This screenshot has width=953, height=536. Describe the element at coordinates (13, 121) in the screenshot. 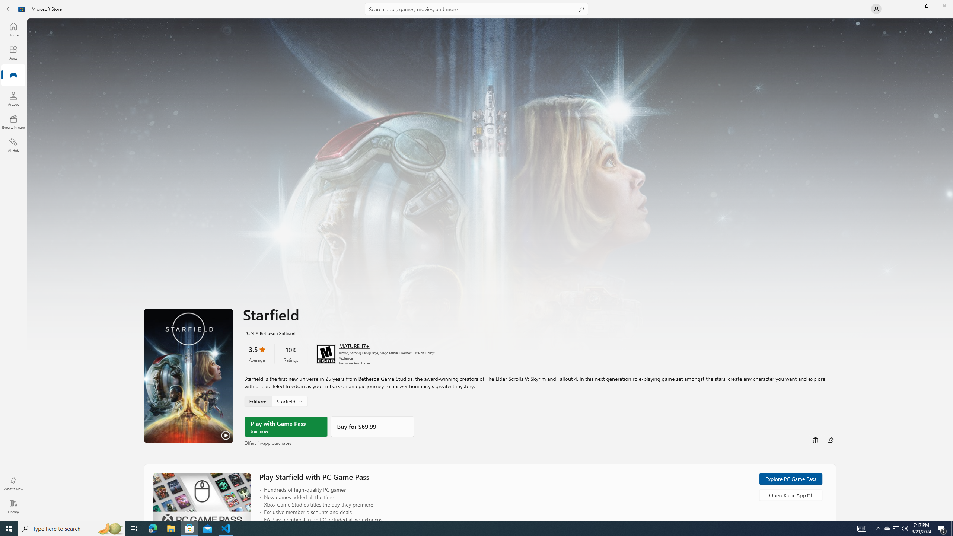

I see `'Entertainment'` at that location.